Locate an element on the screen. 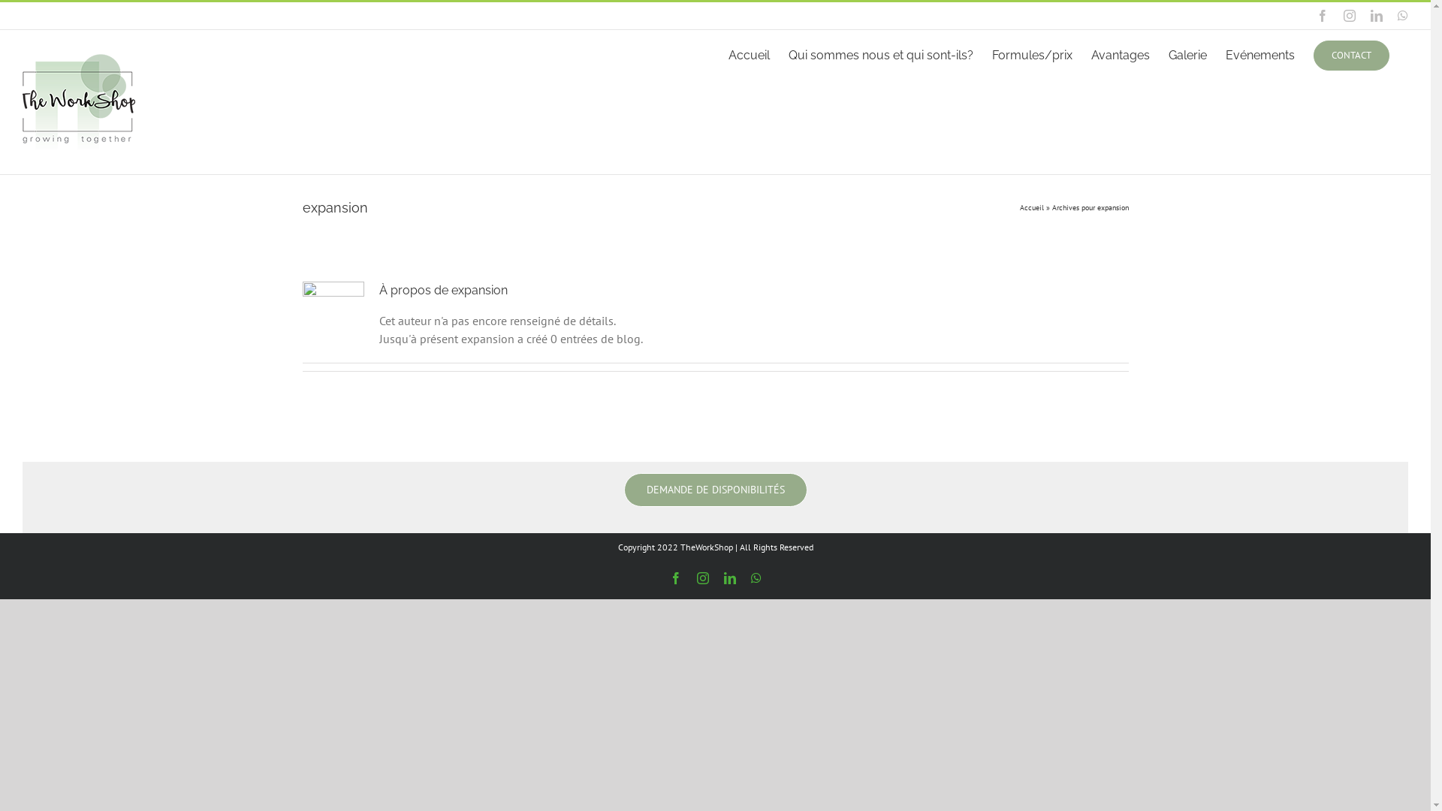 Image resolution: width=1442 pixels, height=811 pixels. 'Galerie' is located at coordinates (1187, 53).